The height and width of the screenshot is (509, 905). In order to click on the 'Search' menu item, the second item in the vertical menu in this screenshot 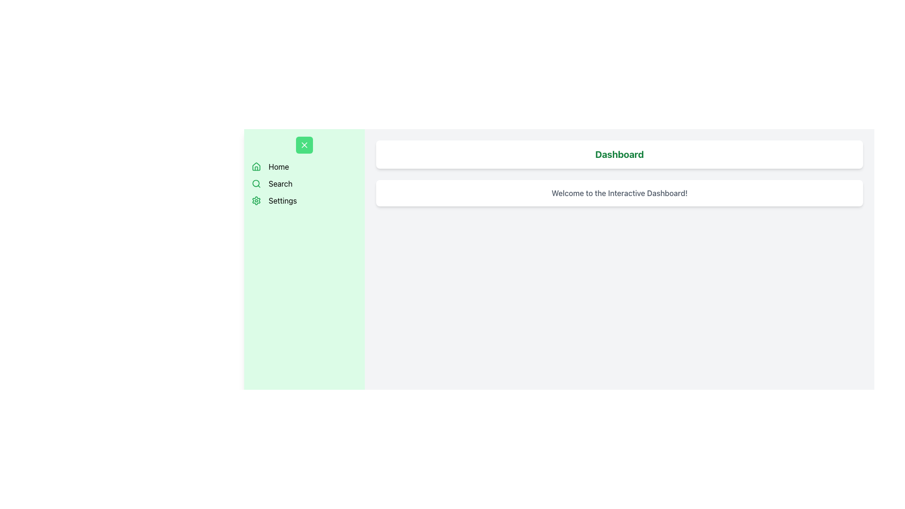, I will do `click(304, 183)`.